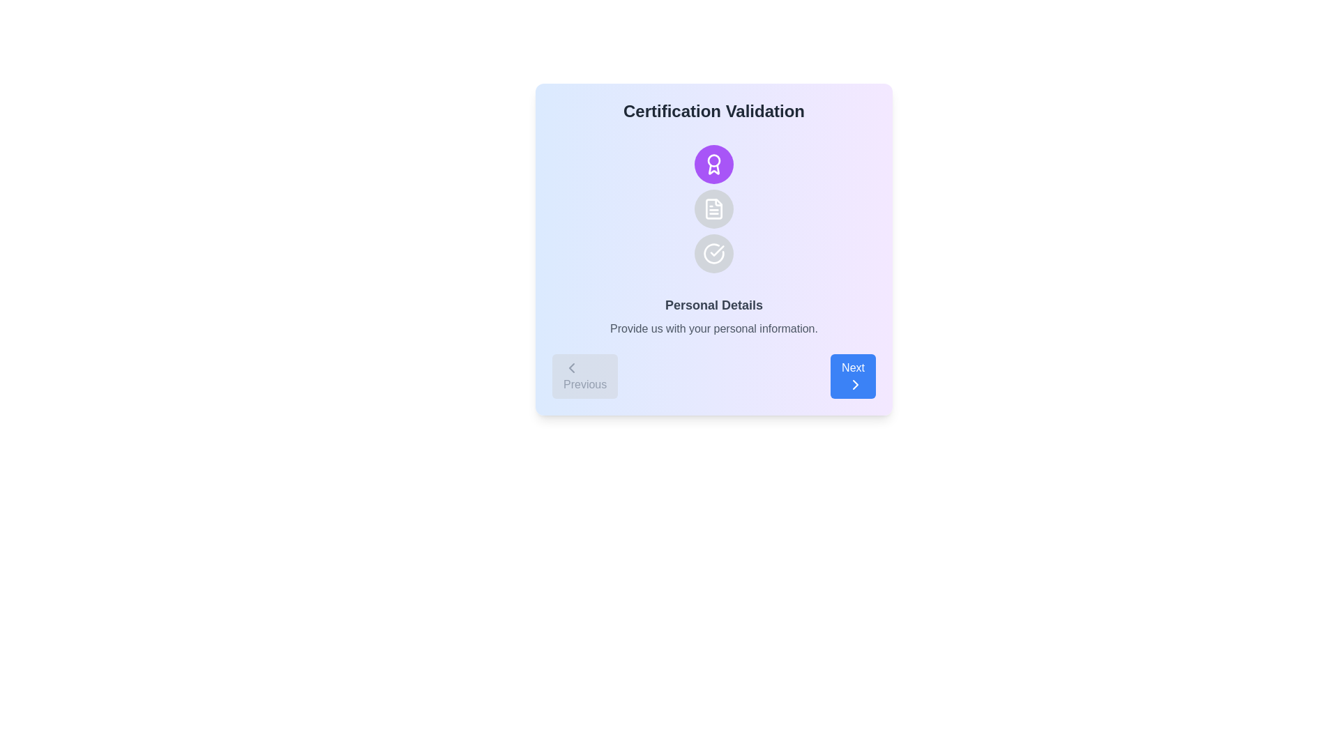 The image size is (1339, 753). Describe the element at coordinates (713, 209) in the screenshot. I see `the file/document icon, which is the second item in a vertical sequence of icons, located between a purple circular icon with a badge and a grayscale circular icon with a checkmark` at that location.